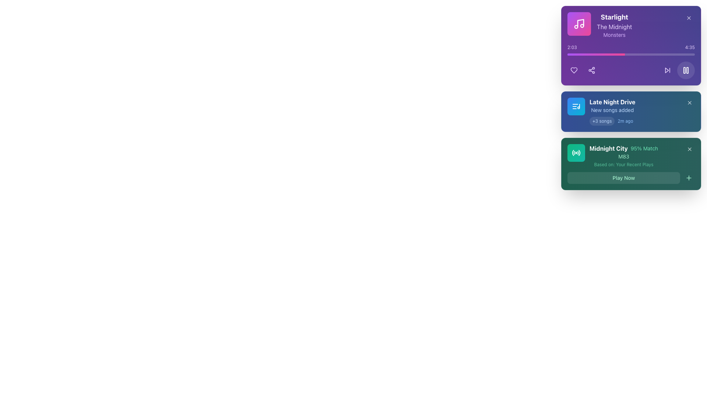  I want to click on the progress bar located beneath the title 'Starlight' and artist 'The Midnight' to jump to a specific time in the ongoing activity, so click(630, 50).